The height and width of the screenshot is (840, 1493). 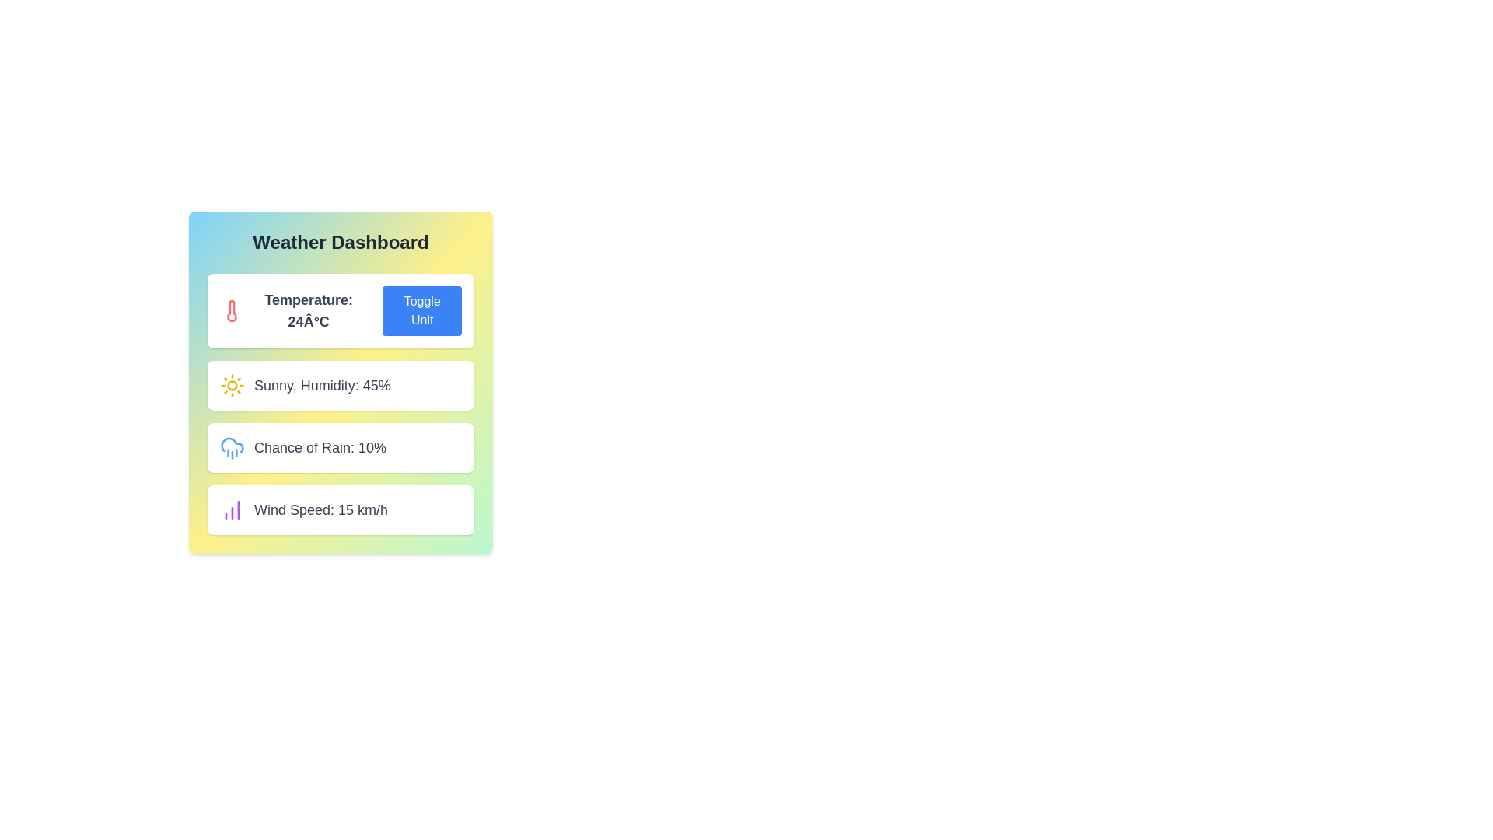 I want to click on the Information Card displaying the current temperature, which is the first item in the grid of weather data cards located at the top-most position, so click(x=340, y=311).